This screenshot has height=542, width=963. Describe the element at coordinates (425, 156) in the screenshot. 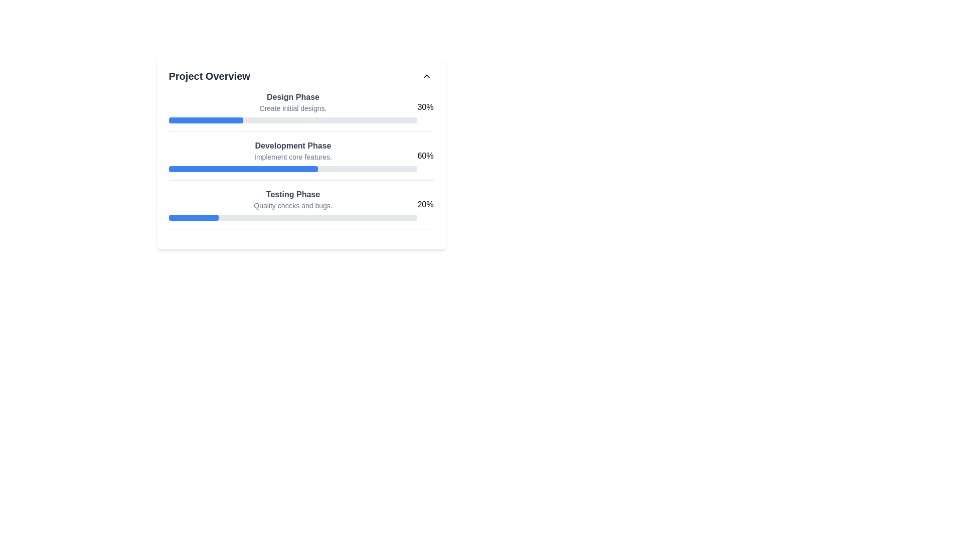

I see `the text label displaying '60%' that is positioned at the rightmost side of the progress bar in the 'Development Phase' row` at that location.